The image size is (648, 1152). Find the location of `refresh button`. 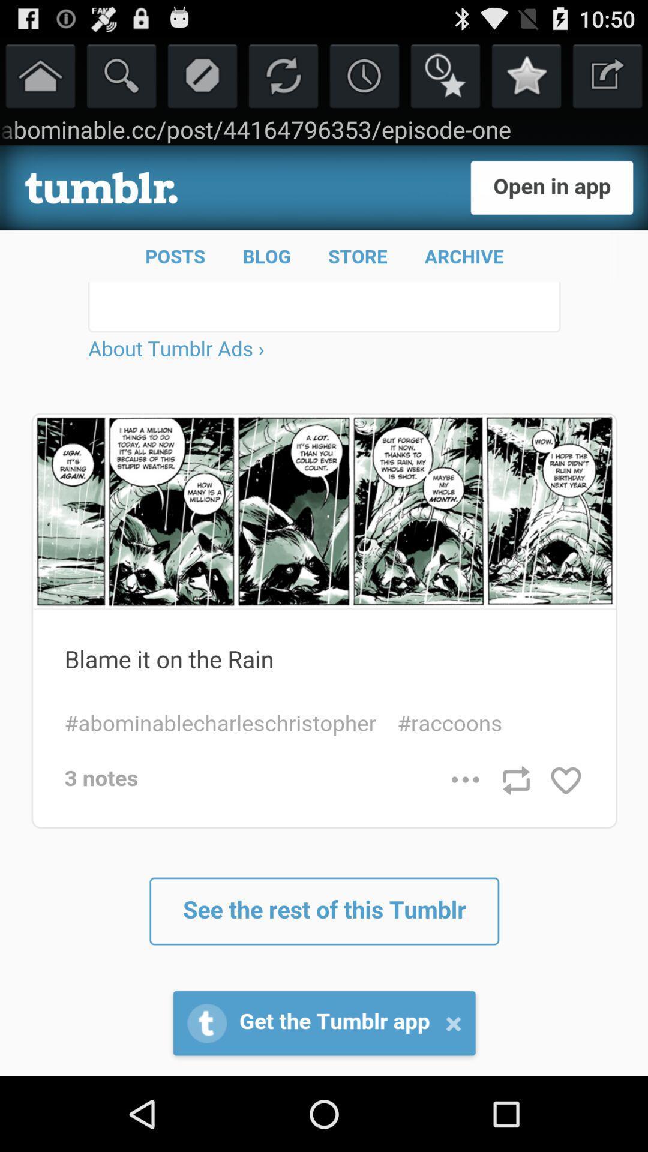

refresh button is located at coordinates (283, 74).